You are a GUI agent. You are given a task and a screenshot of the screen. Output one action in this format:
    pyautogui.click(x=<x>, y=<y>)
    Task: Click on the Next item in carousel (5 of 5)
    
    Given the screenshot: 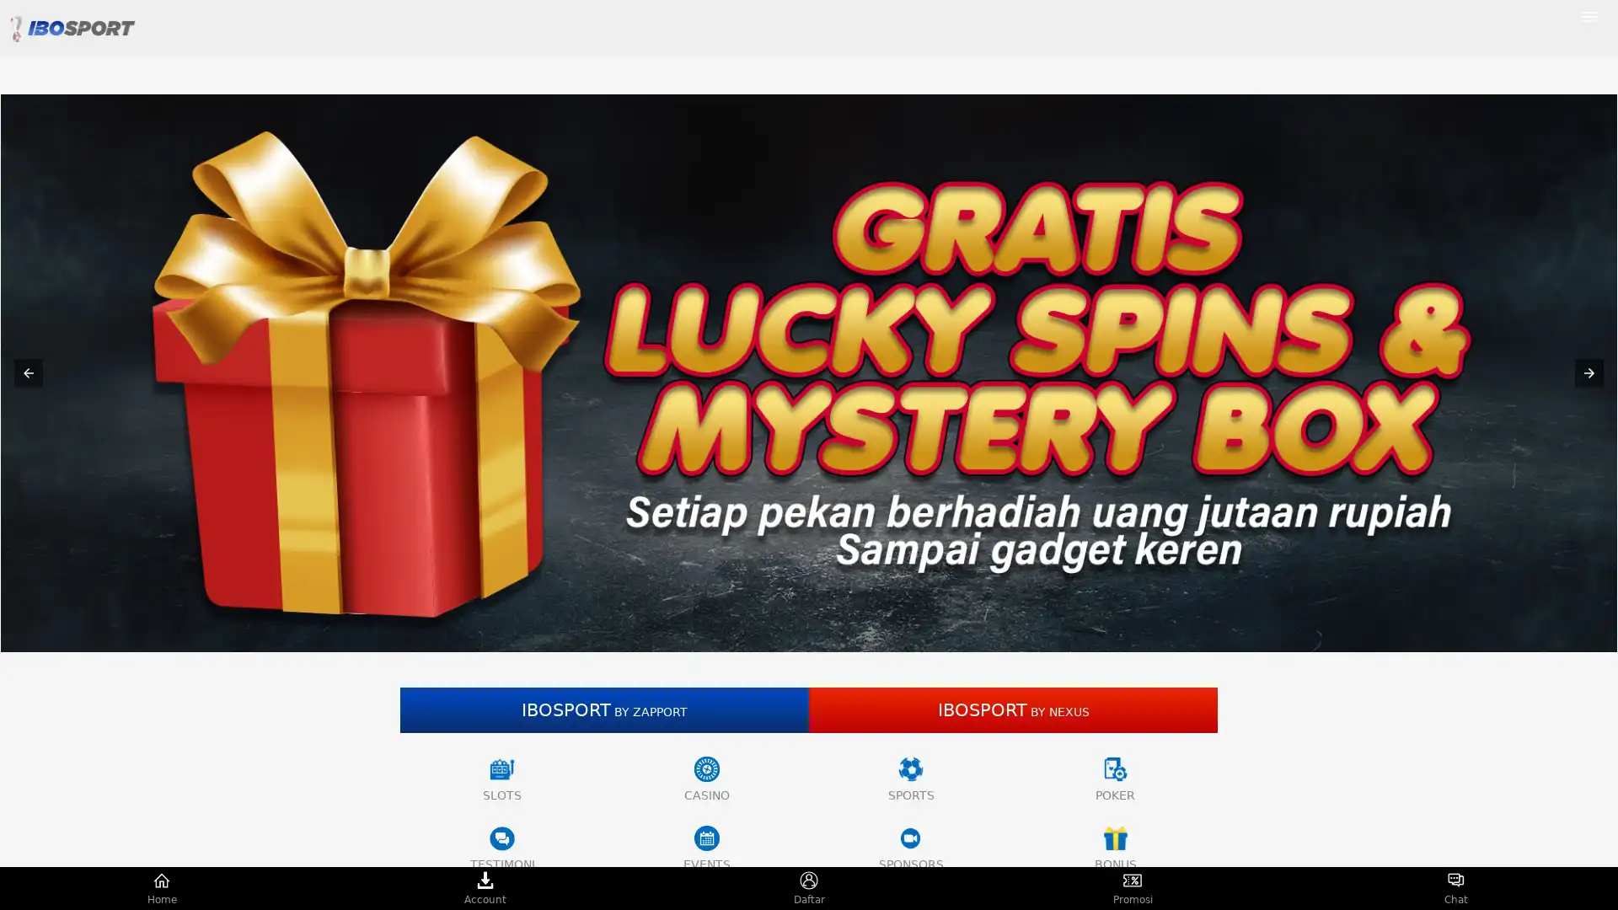 What is the action you would take?
    pyautogui.click(x=1589, y=372)
    